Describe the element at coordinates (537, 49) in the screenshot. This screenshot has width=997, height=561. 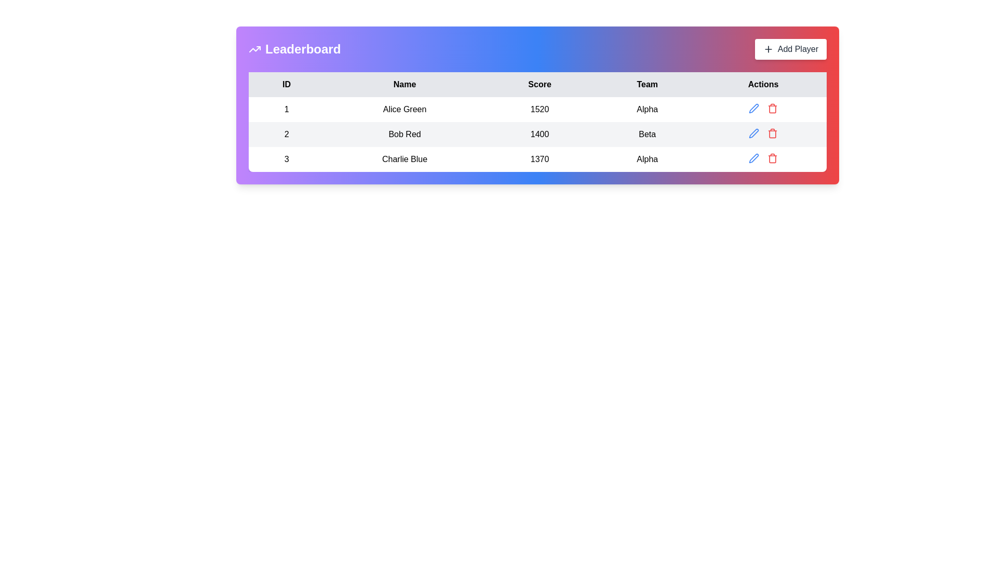
I see `the 'Leaderboard' section header with the 'Add Player' button using keyboard focus` at that location.